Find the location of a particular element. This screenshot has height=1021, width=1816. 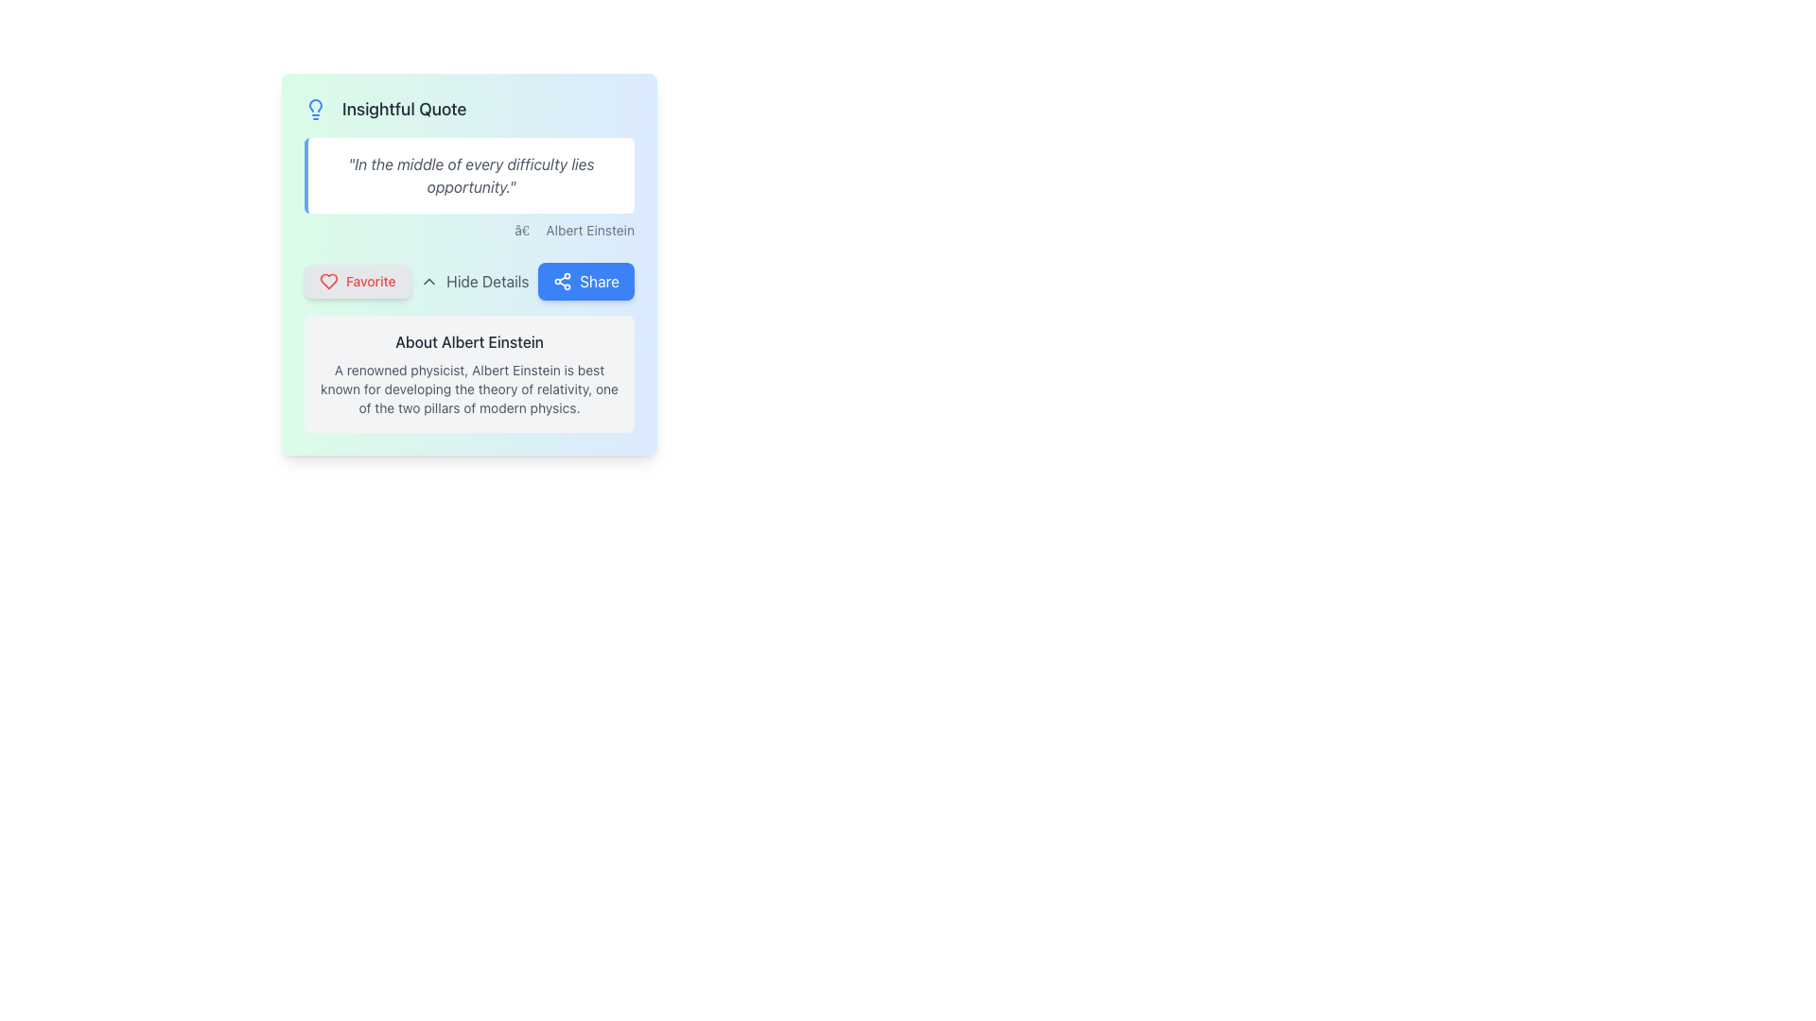

the Hide Details button on the Interactive action bar located centrally below the quote and above the information about Albert Einstein is located at coordinates (469, 281).